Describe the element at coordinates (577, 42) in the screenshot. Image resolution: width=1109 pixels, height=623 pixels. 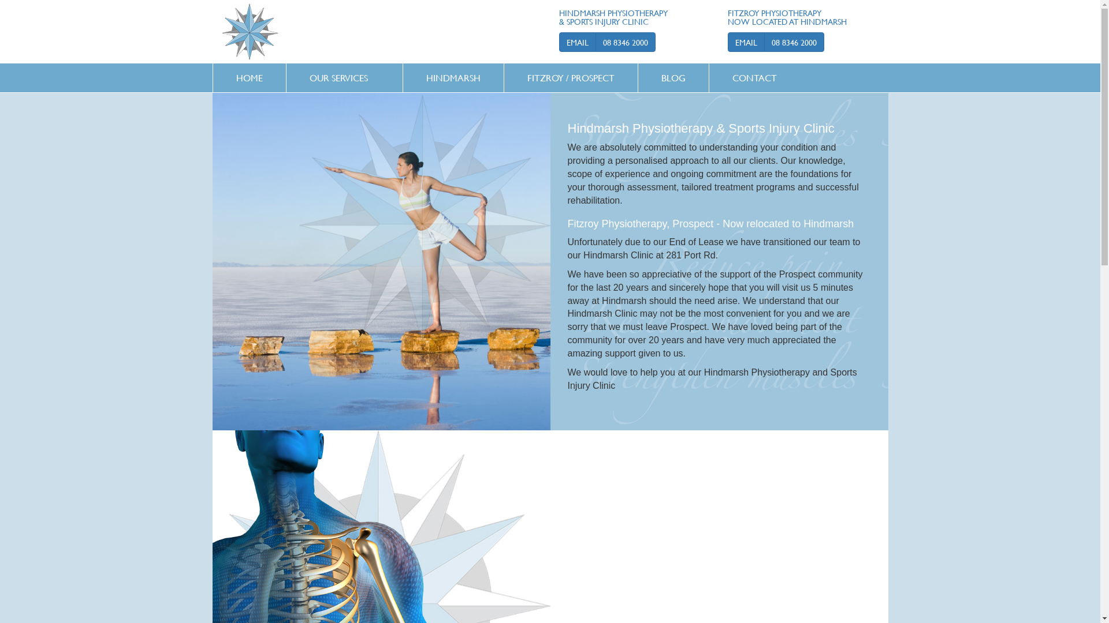
I see `'EMAIL'` at that location.